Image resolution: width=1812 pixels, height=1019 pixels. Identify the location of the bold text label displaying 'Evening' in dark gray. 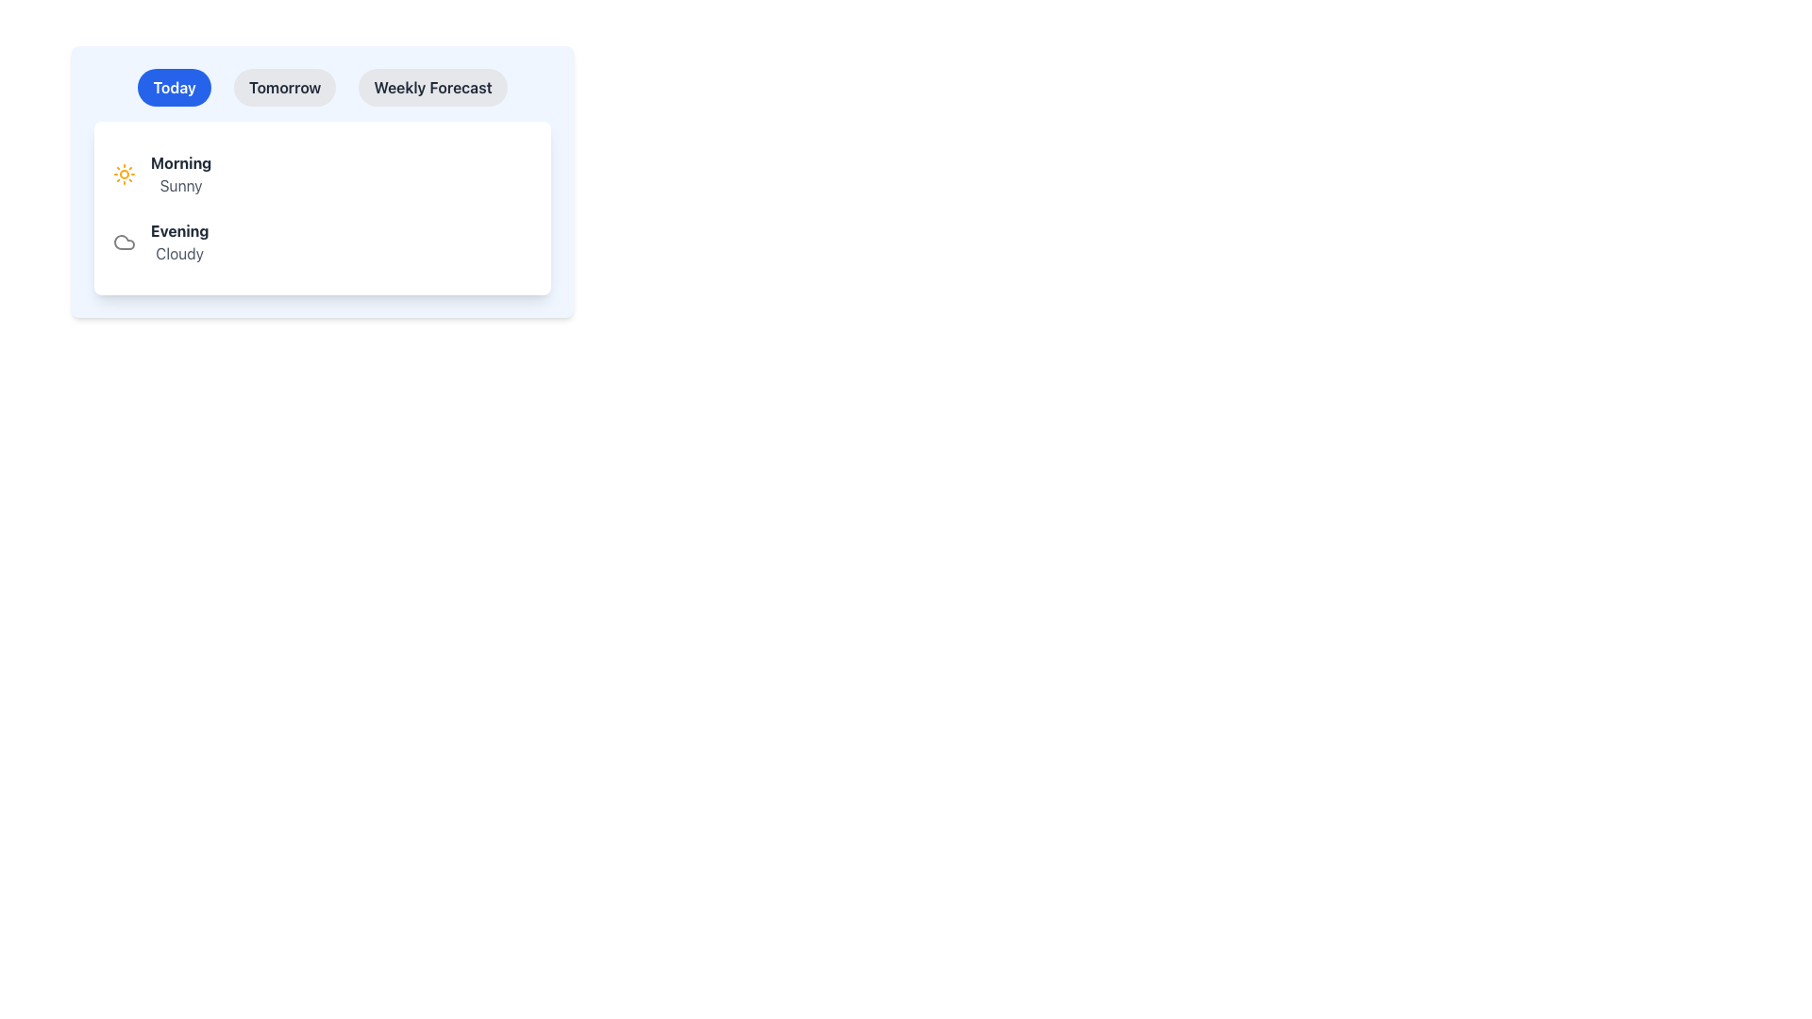
(179, 230).